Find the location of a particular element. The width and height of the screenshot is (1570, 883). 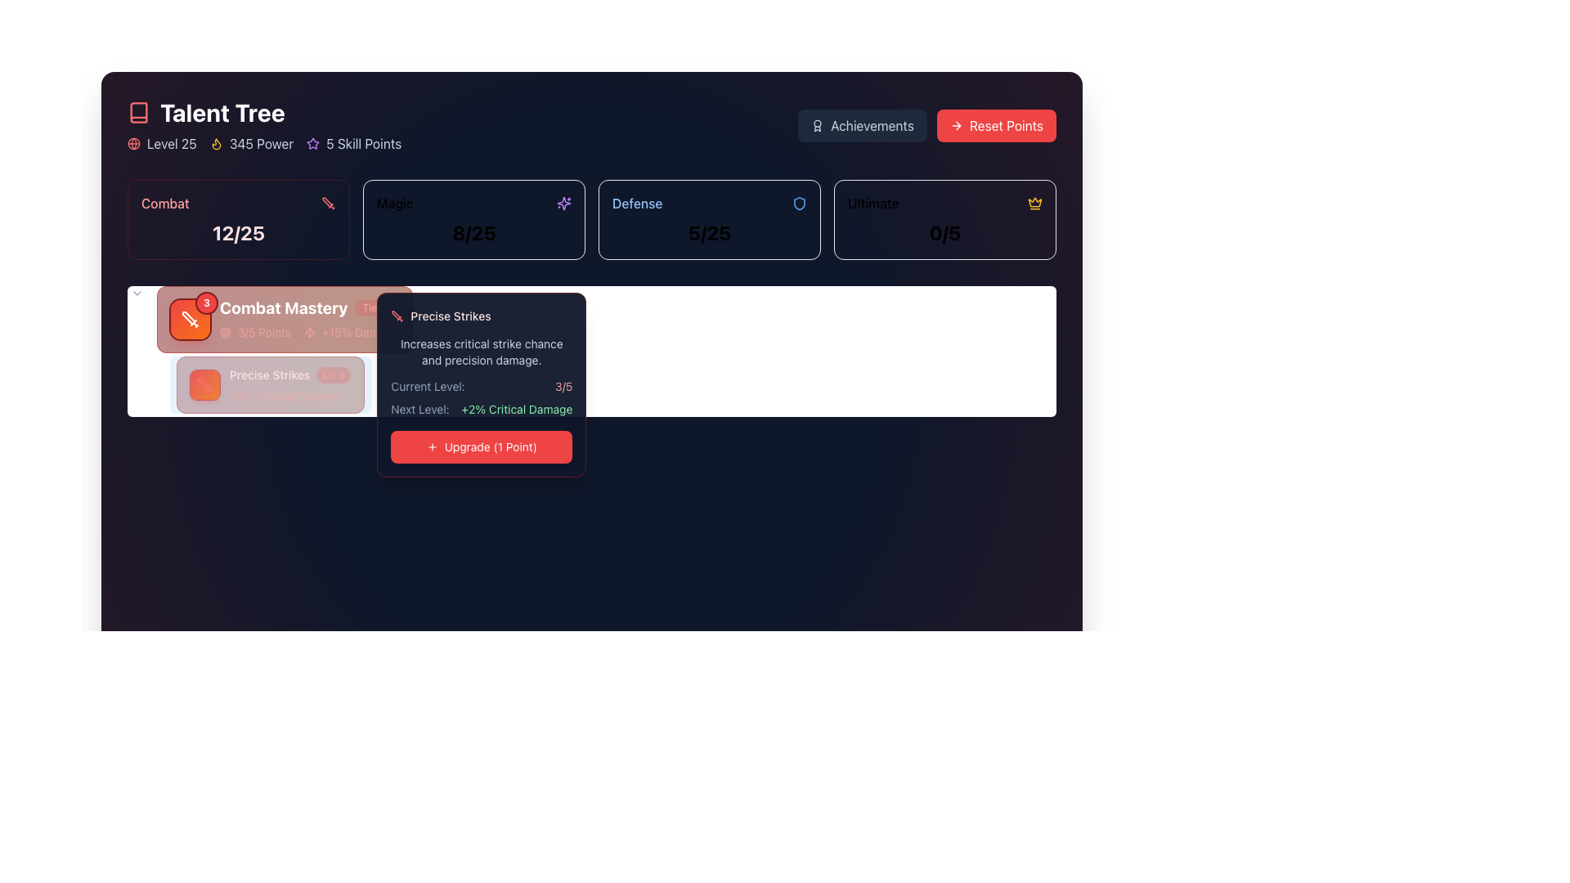

the circular clock face component of the clock icon, positioned above the 'Defense' section in the interface is located at coordinates (626, 261).